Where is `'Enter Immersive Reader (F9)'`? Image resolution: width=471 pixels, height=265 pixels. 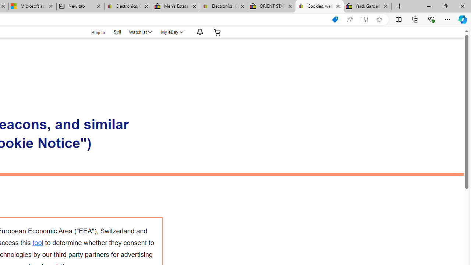 'Enter Immersive Reader (F9)' is located at coordinates (365, 19).